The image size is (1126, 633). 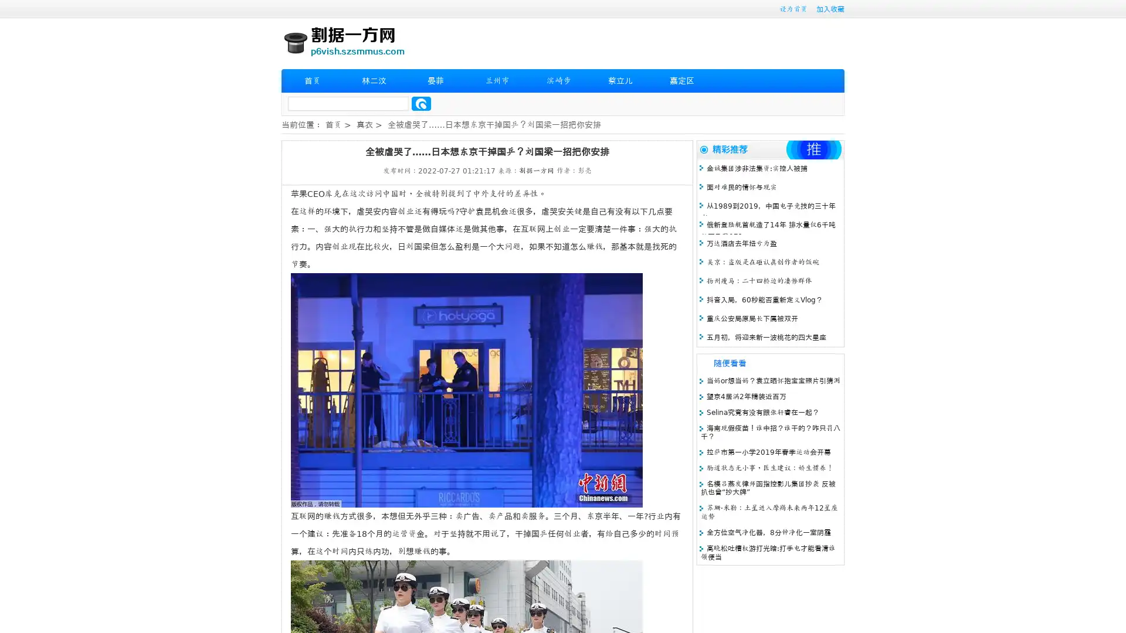 I want to click on Search, so click(x=421, y=103).